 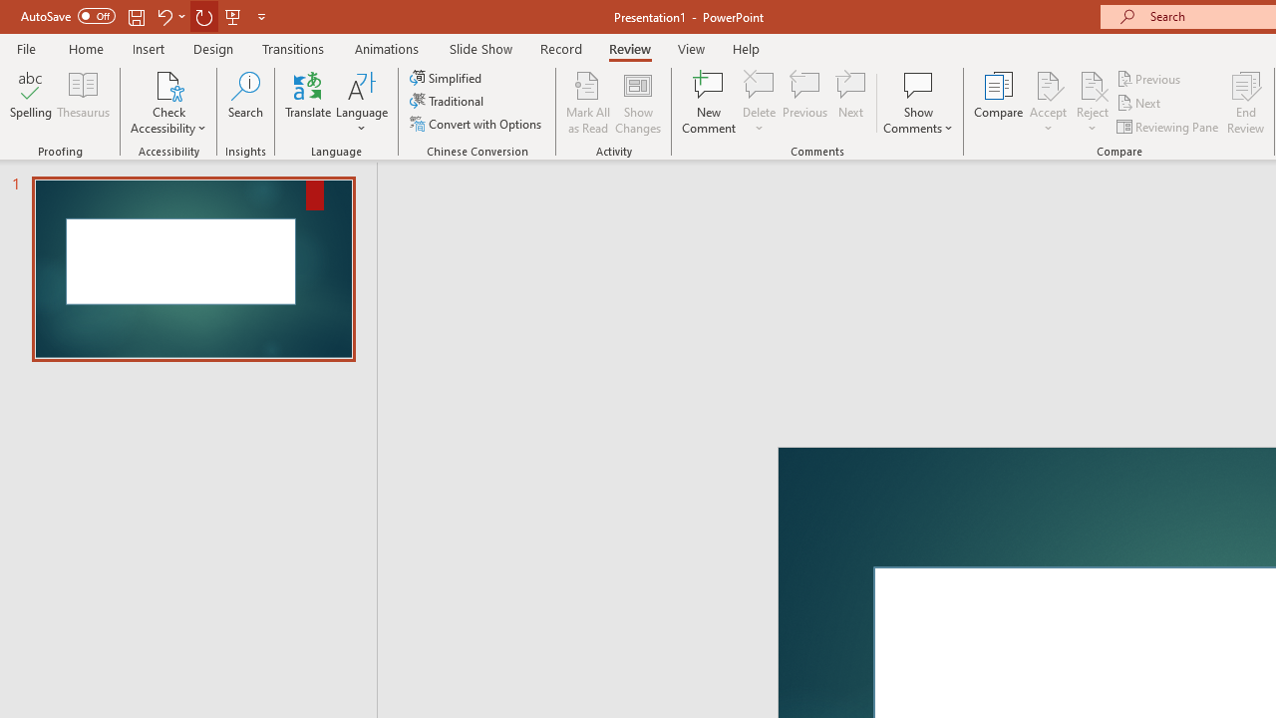 What do you see at coordinates (1244, 103) in the screenshot?
I see `'End Review'` at bounding box center [1244, 103].